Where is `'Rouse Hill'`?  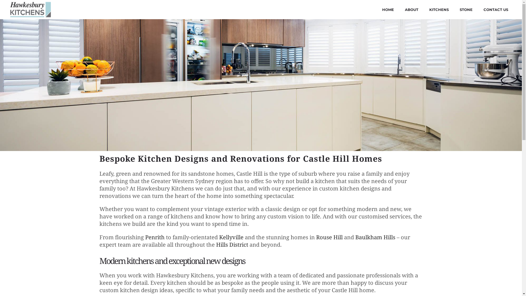 'Rouse Hill' is located at coordinates (316, 237).